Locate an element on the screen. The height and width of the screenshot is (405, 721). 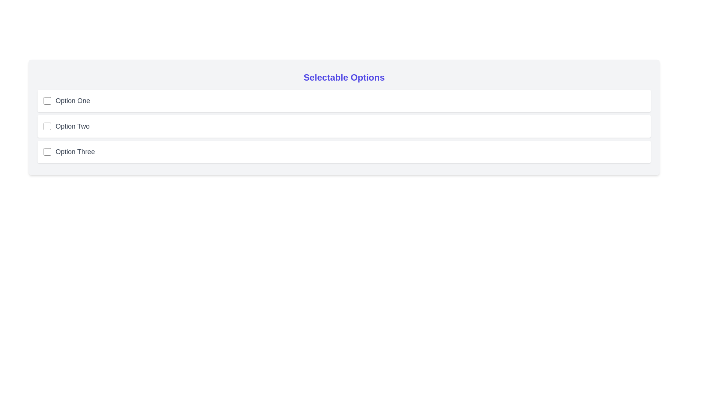
the space surrounding the option Option Three is located at coordinates (37, 140).